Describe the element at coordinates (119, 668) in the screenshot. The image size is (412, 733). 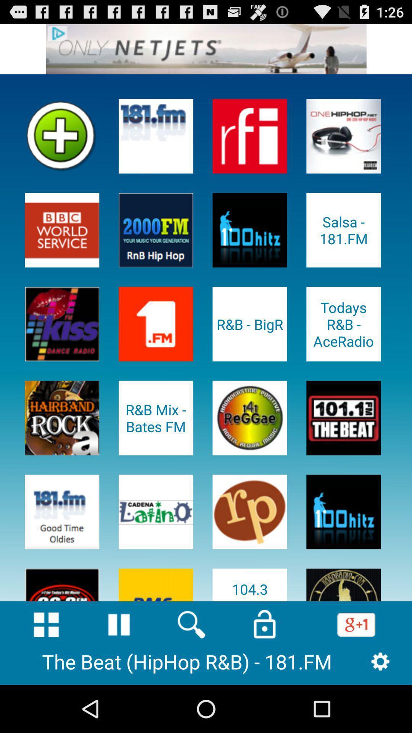
I see `the pause icon` at that location.